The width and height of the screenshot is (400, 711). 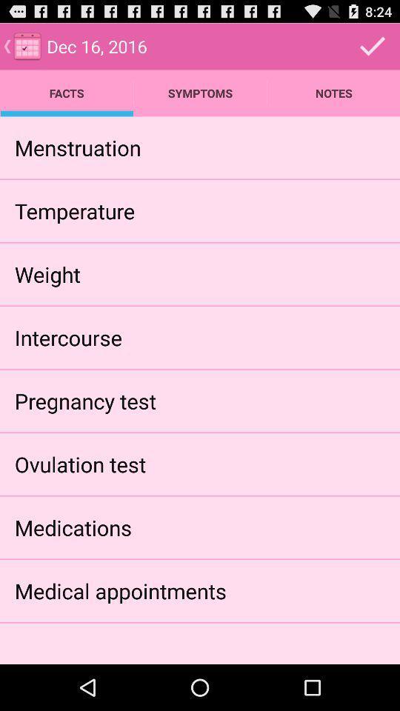 I want to click on tick mark on the top right corner of the screen, so click(x=372, y=47).